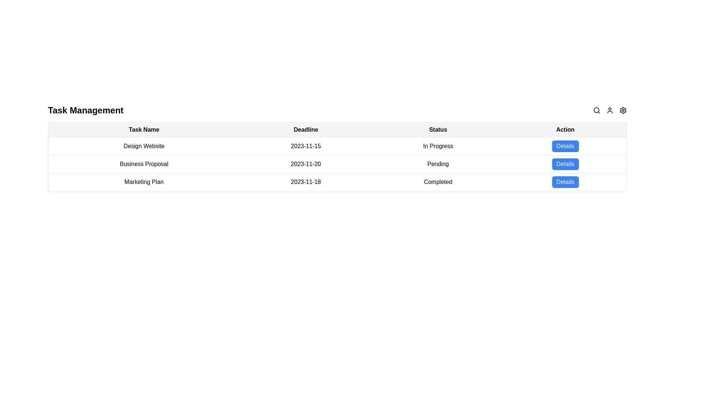 This screenshot has width=703, height=395. I want to click on the table cell displaying the text '2023-11-18' under the 'Deadline' column, which is located in the third row of the table, so click(306, 181).